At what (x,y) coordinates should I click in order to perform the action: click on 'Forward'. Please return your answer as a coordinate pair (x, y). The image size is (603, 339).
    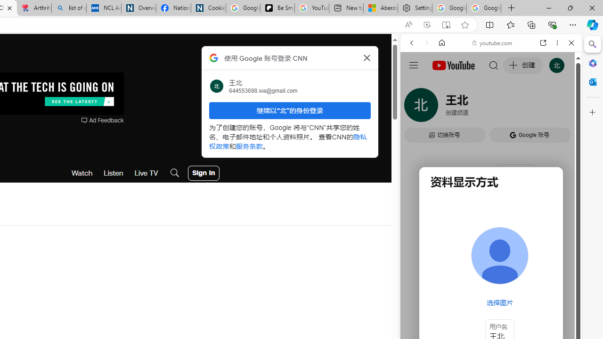
    Looking at the image, I should click on (426, 43).